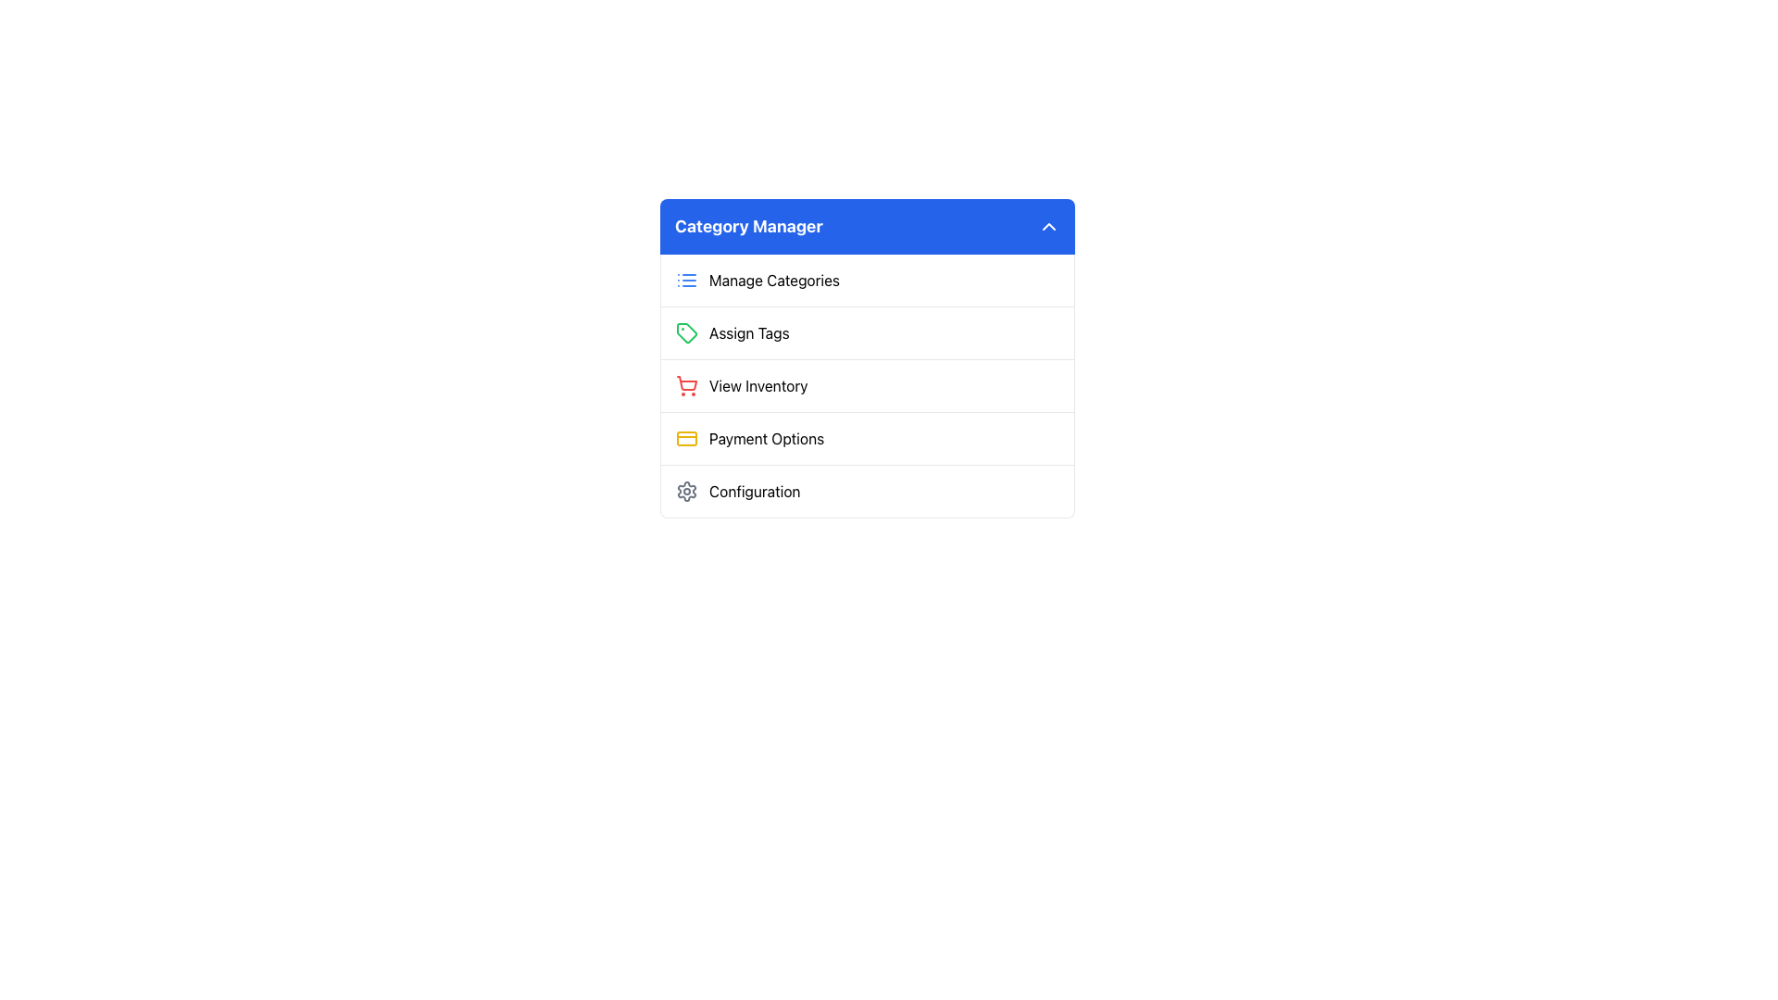  What do you see at coordinates (1048, 226) in the screenshot?
I see `the toggle button located in the top-right corner of the 'Category Manager' panel` at bounding box center [1048, 226].